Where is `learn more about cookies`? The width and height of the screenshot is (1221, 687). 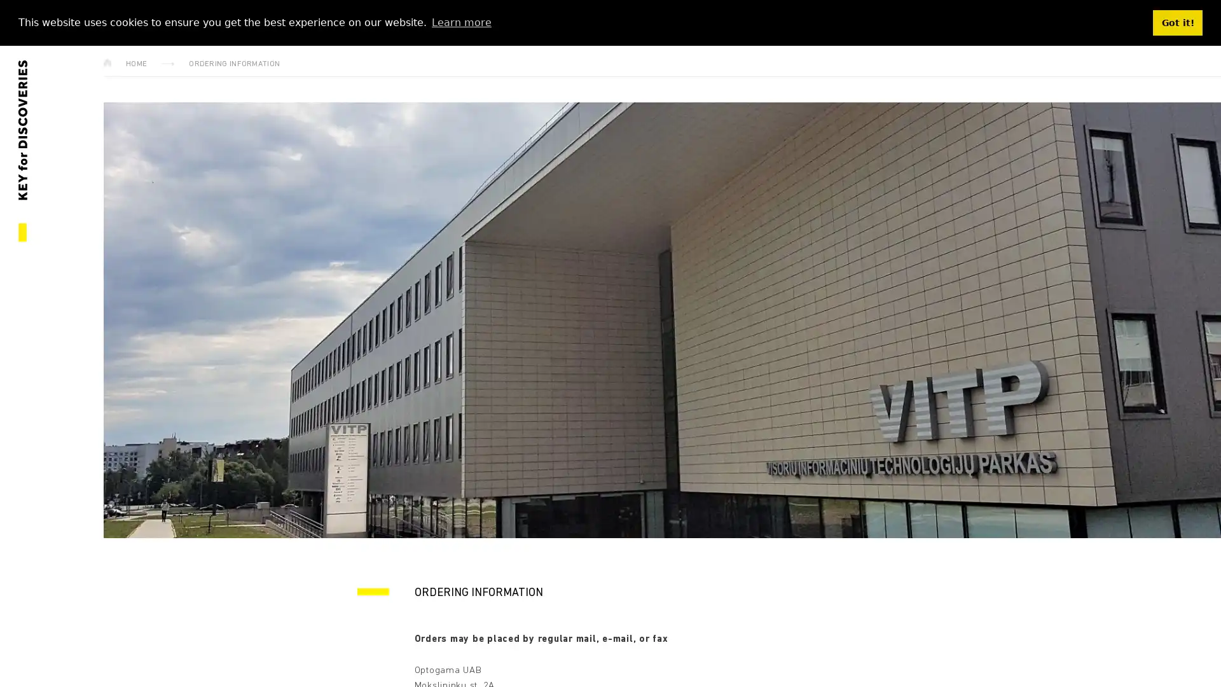
learn more about cookies is located at coordinates (460, 22).